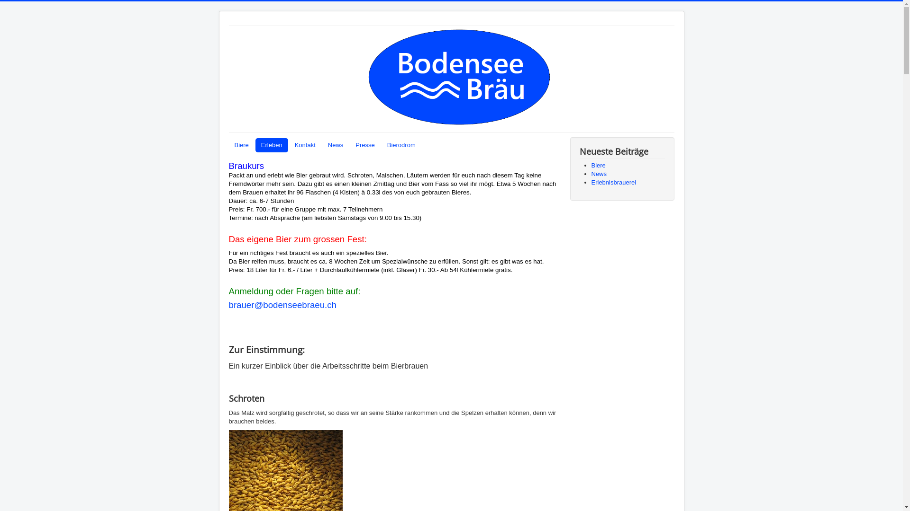 The width and height of the screenshot is (910, 511). I want to click on 'Erleben', so click(271, 145).